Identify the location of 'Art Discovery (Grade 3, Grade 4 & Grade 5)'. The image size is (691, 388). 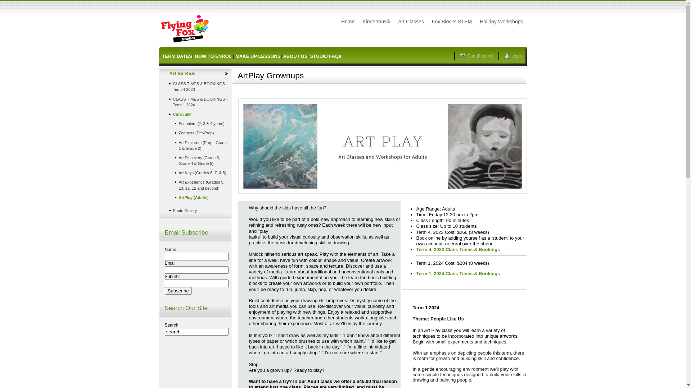
(195, 160).